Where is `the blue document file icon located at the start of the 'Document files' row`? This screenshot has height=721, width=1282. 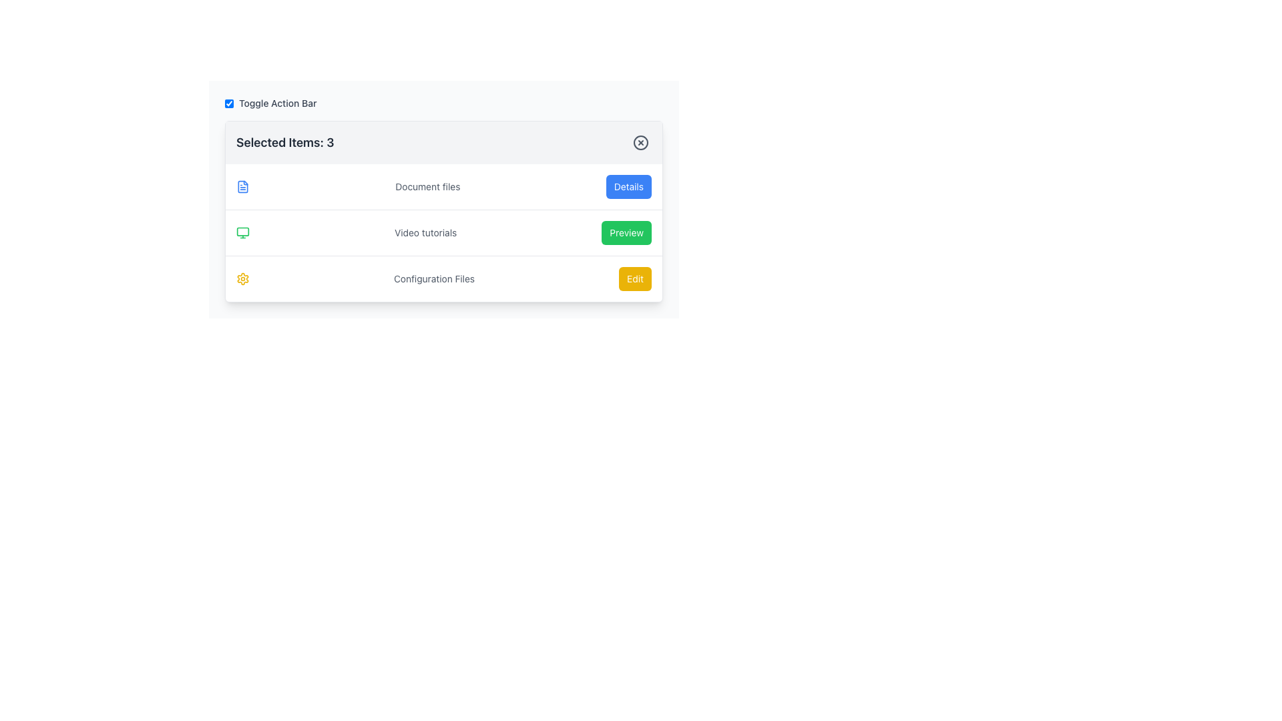 the blue document file icon located at the start of the 'Document files' row is located at coordinates (243, 187).